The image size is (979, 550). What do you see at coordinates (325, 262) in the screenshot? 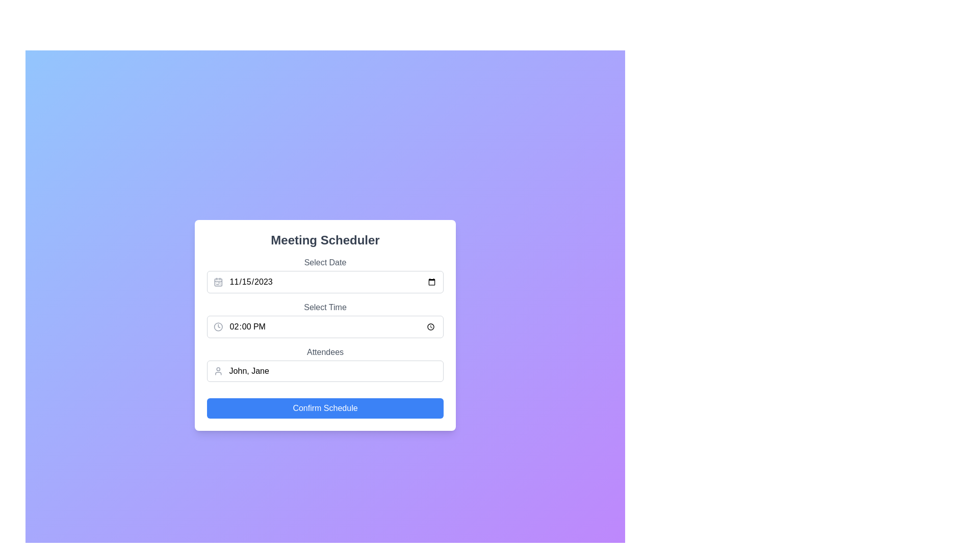
I see `the label that informs the user of the purpose of the adjacent date selection input field, which is located directly above that input field within the scheduling card interface` at bounding box center [325, 262].